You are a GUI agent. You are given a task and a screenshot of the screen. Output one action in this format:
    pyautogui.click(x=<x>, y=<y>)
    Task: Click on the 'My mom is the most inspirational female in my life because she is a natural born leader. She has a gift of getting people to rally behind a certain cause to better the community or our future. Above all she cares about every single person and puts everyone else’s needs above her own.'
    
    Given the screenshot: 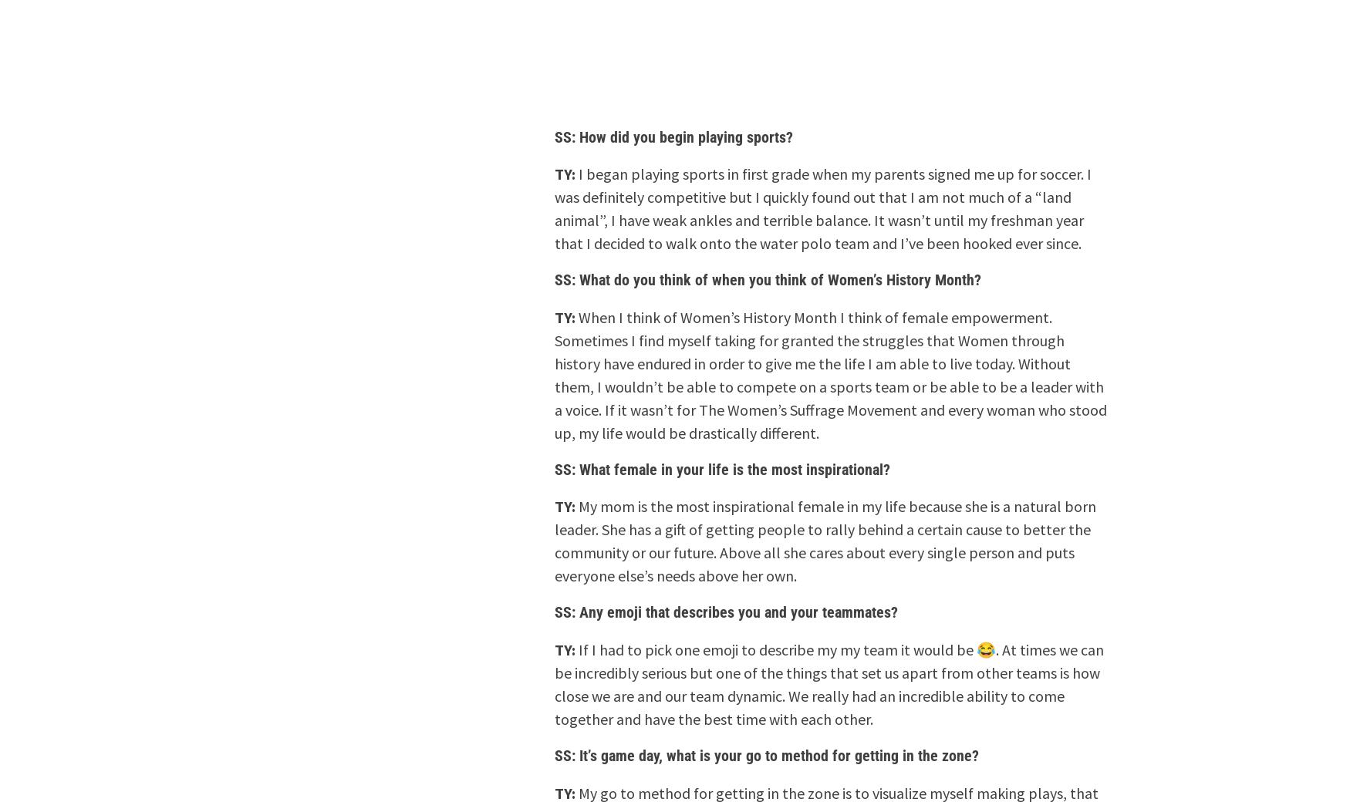 What is the action you would take?
    pyautogui.click(x=825, y=541)
    